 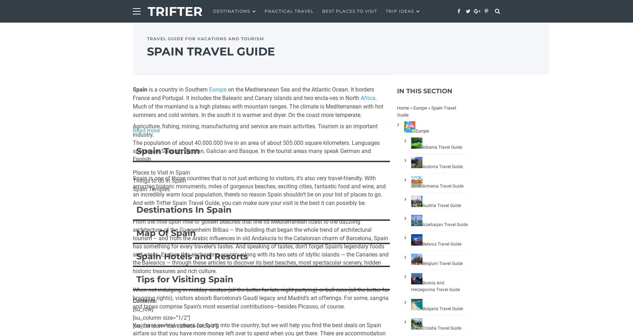 What do you see at coordinates (255, 130) in the screenshot?
I see `'Agriculture, fishing, mining, manufacturing and service are main activities. Tourism is an important industry.'` at bounding box center [255, 130].